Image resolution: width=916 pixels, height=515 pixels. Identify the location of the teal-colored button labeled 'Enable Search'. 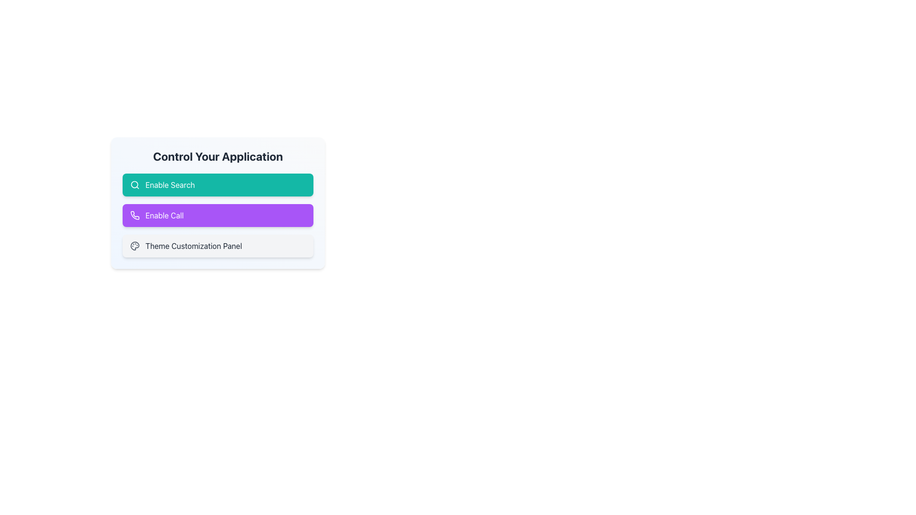
(217, 185).